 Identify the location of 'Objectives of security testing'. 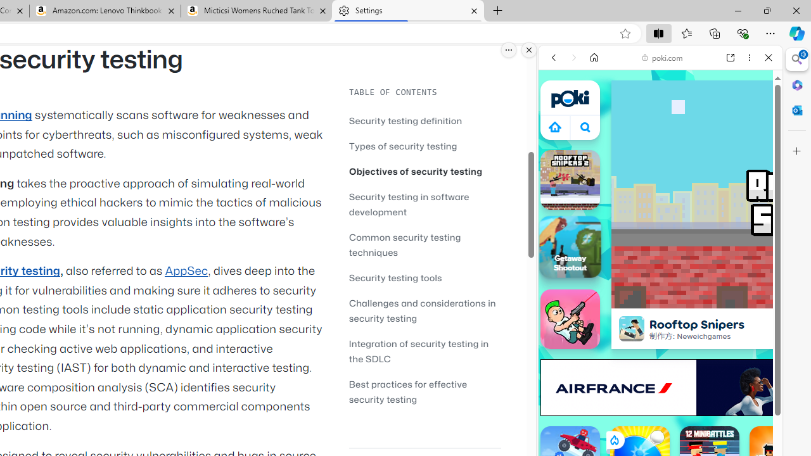
(425, 171).